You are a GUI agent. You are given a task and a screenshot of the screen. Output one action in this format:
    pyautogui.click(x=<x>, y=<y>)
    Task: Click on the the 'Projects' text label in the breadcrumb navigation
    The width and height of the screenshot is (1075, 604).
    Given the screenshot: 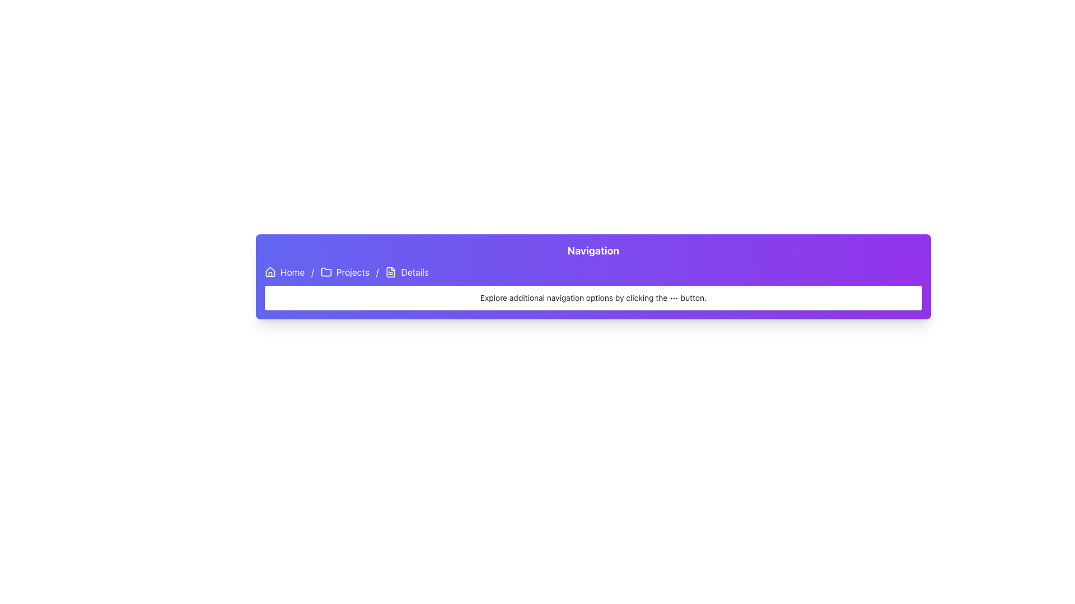 What is the action you would take?
    pyautogui.click(x=352, y=272)
    